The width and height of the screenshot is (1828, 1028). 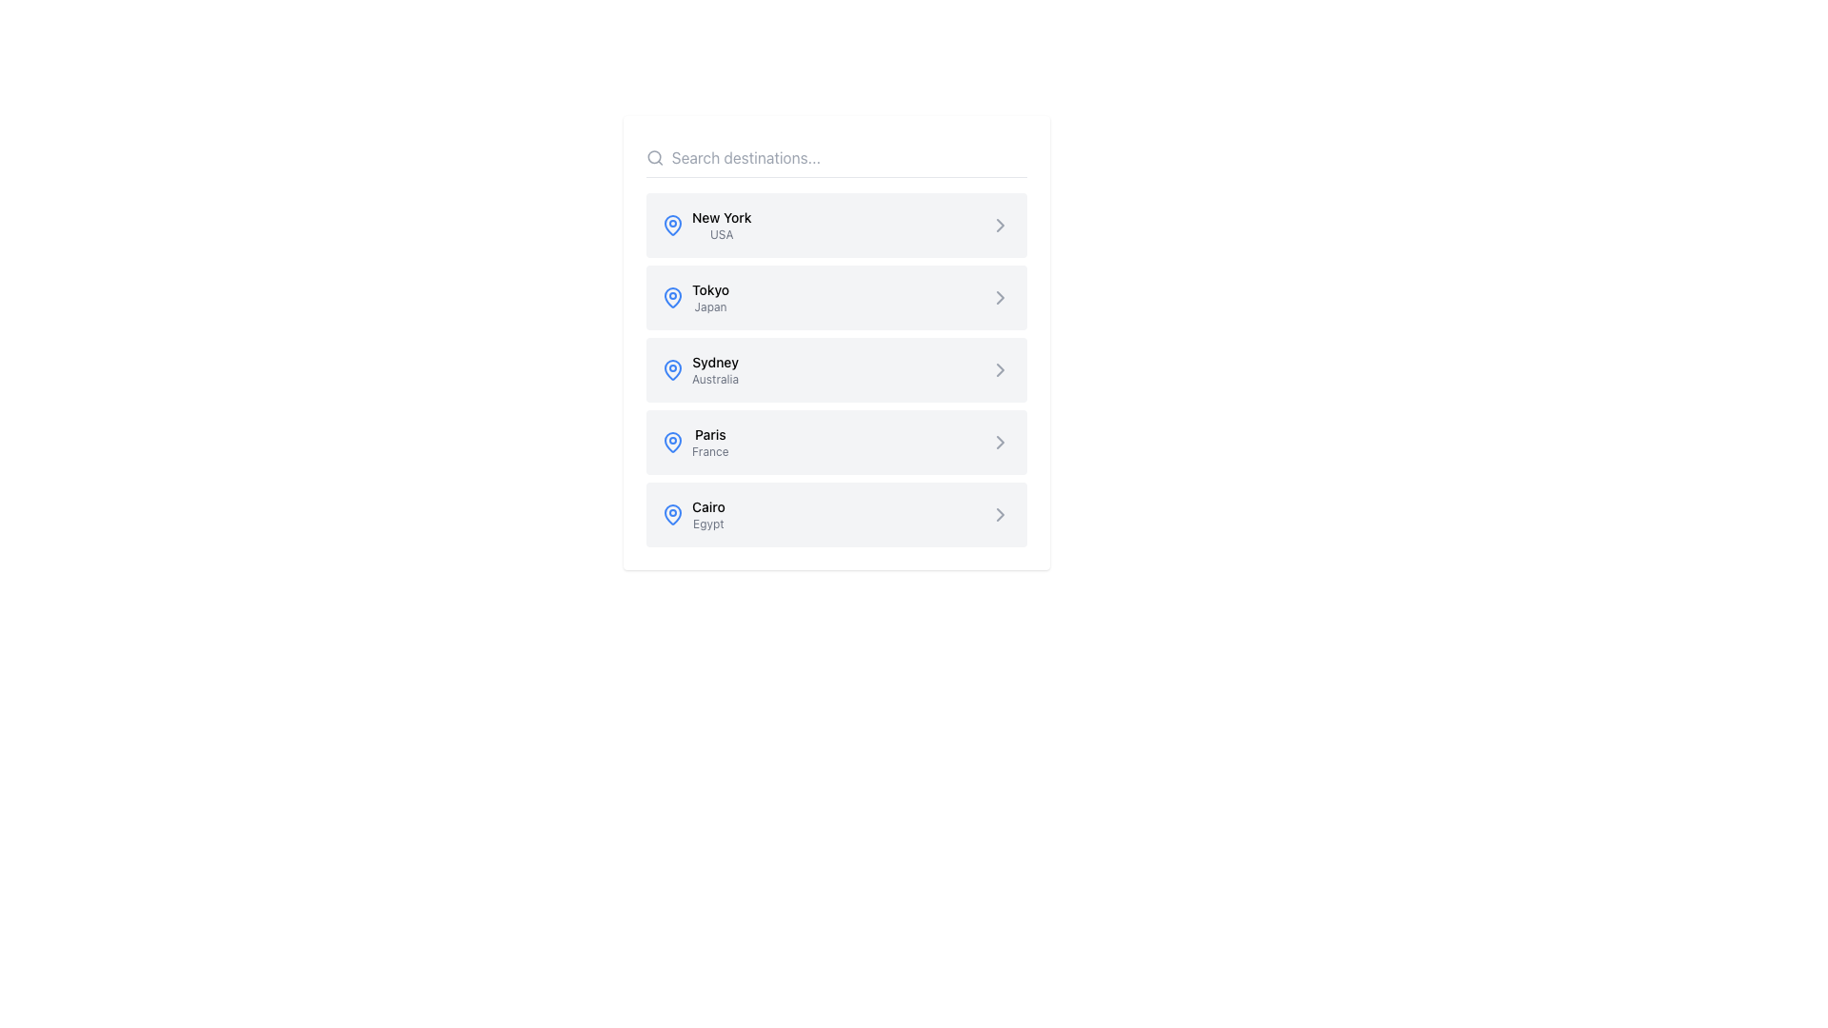 I want to click on the right-pointing chevron segment located in the fourth list item next to the 'Paris' label, so click(x=1000, y=443).